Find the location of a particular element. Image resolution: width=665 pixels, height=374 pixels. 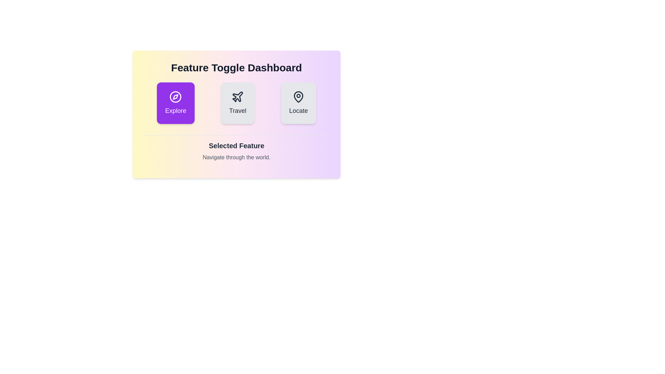

the Travel button to observe the hover effect is located at coordinates (238, 103).